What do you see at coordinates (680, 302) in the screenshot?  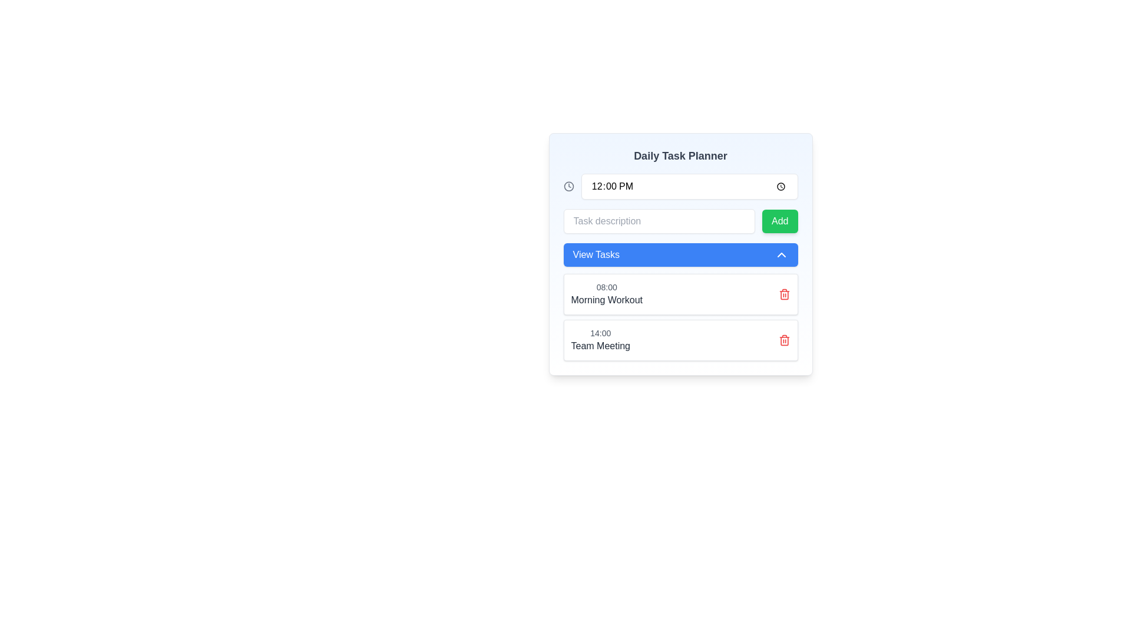 I see `and drop the first list item displaying '08:00' and 'Morning Workout'` at bounding box center [680, 302].